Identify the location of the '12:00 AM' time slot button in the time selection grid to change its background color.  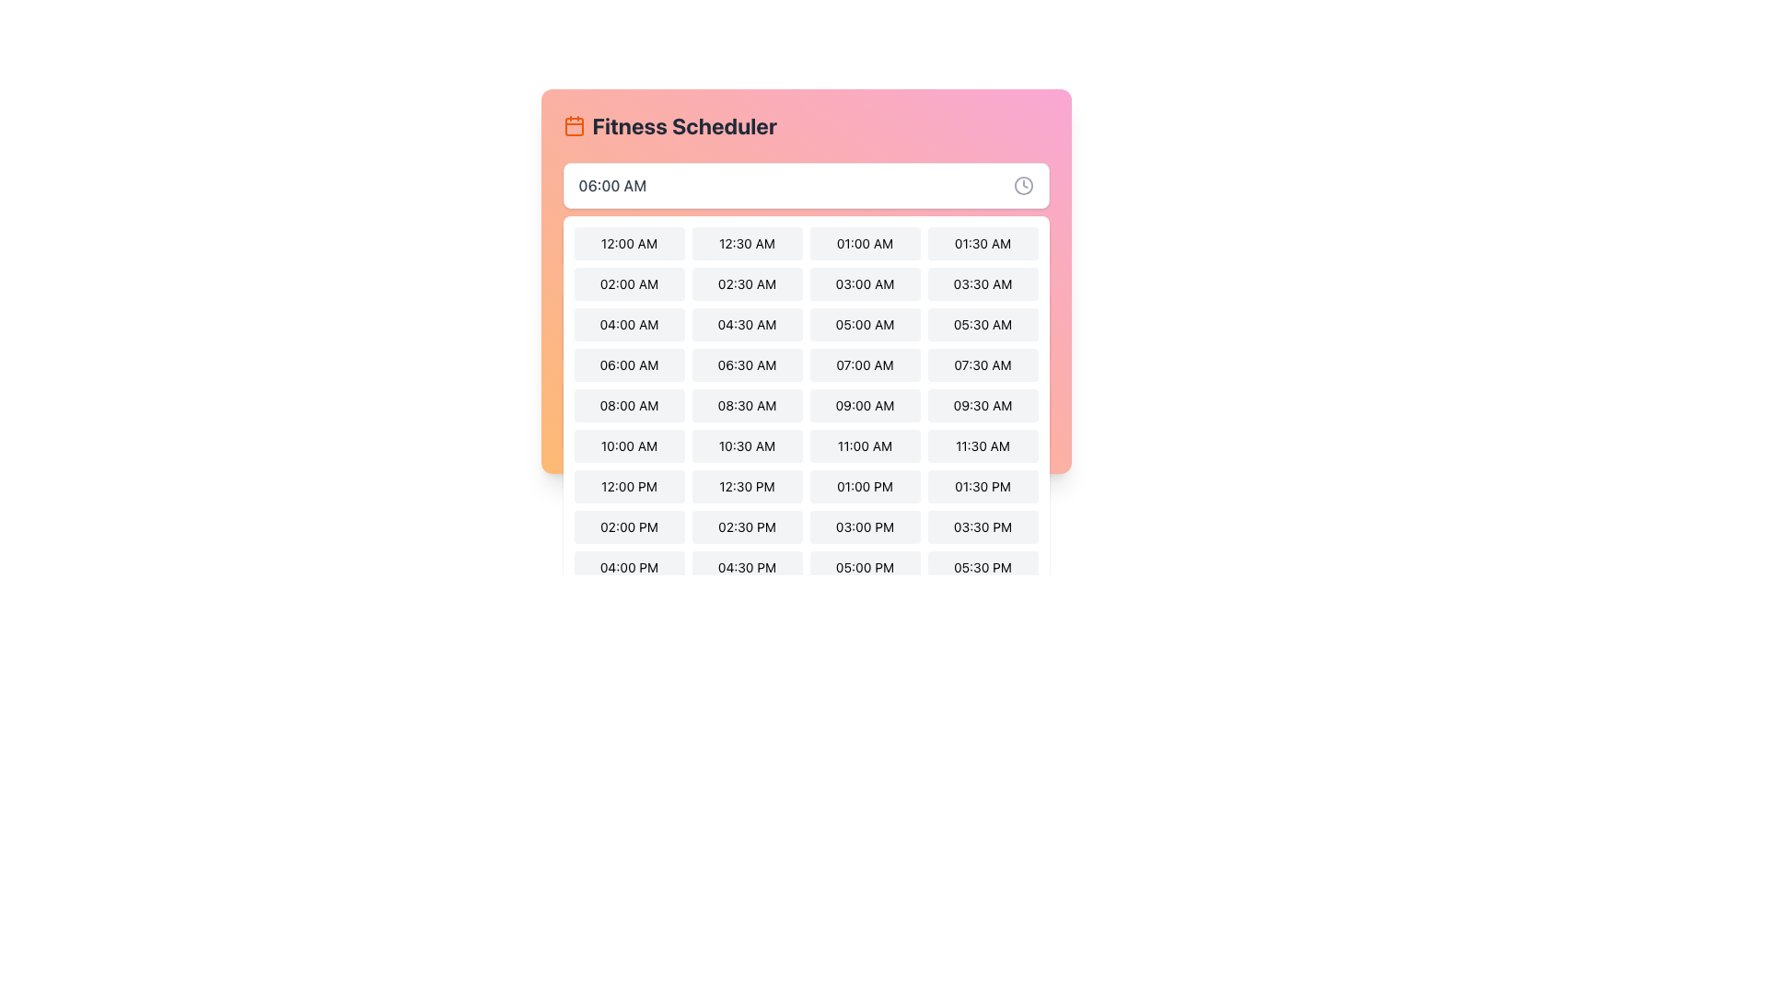
(629, 243).